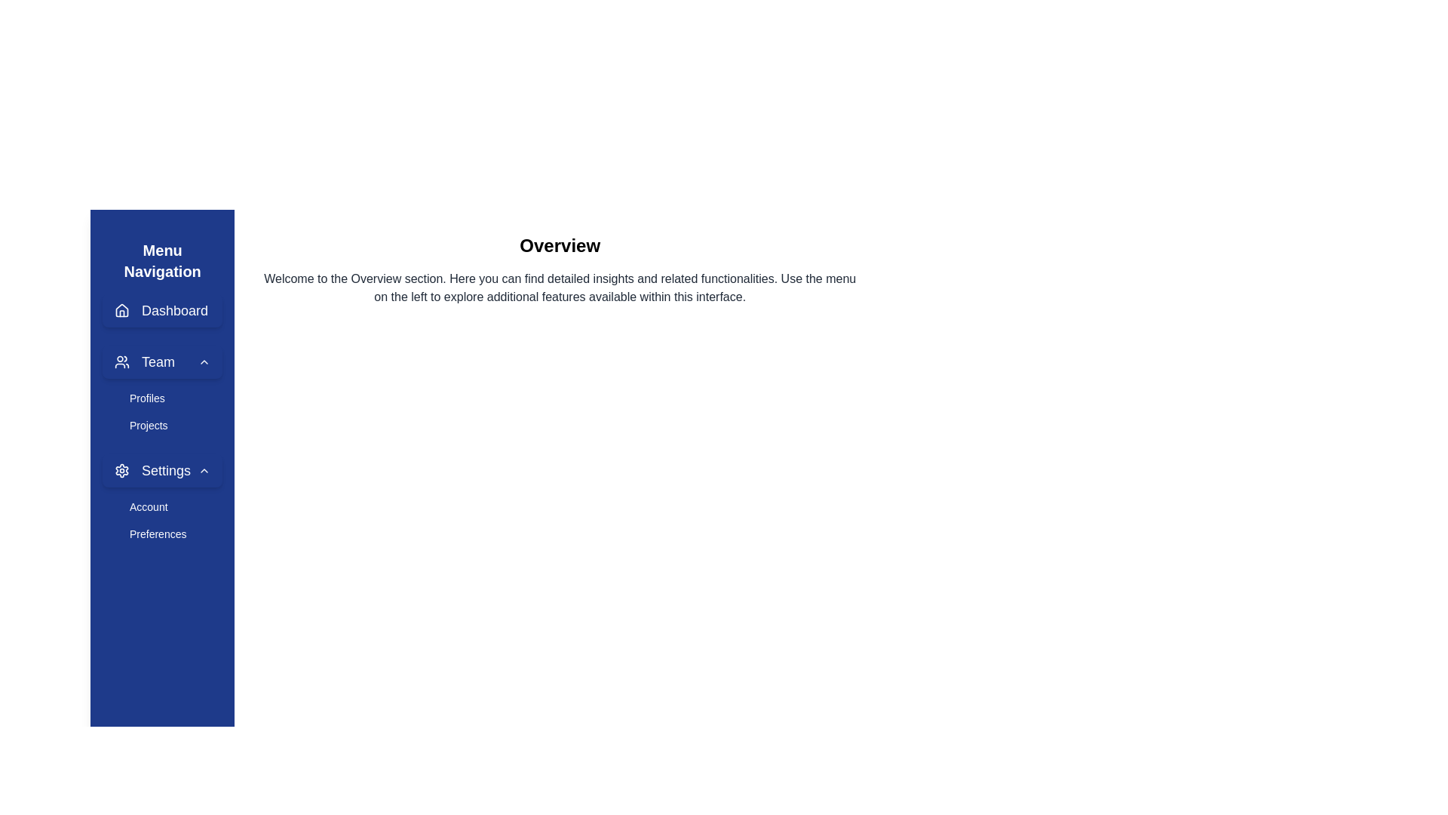 The image size is (1448, 815). I want to click on the chevron icon located at the far right side of the 'Team' text in the vertical navigation bar, indicating the ability to expand or collapse the 'Team' menu item, so click(204, 361).